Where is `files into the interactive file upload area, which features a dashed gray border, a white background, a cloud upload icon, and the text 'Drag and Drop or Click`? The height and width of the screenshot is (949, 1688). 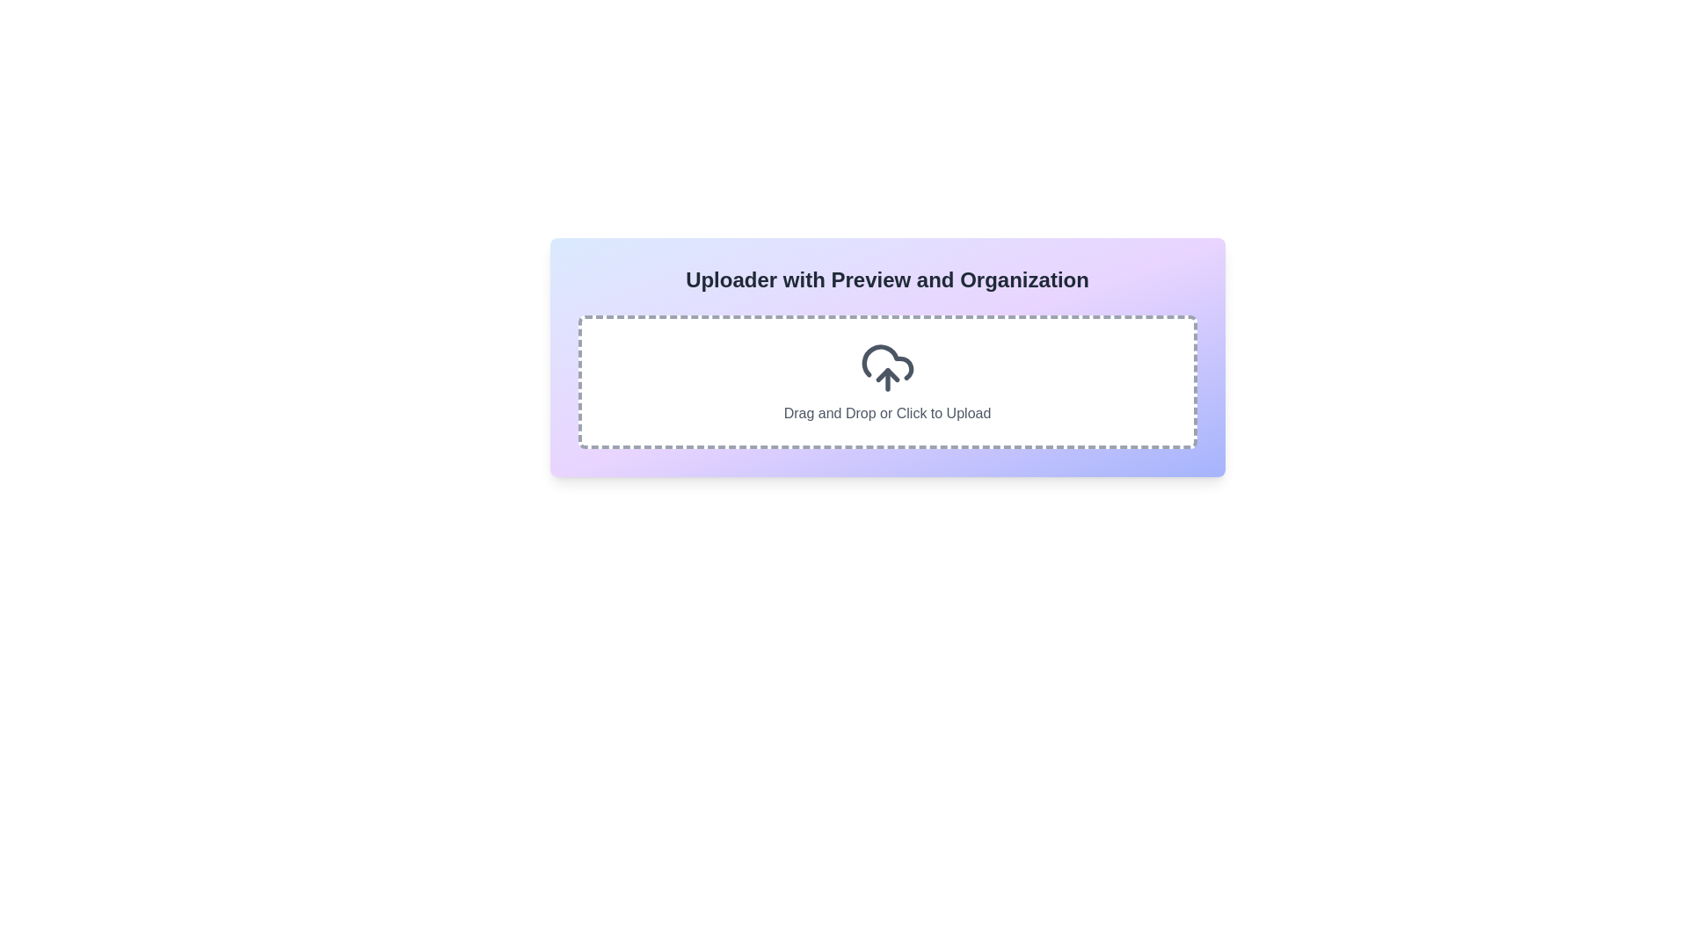
files into the interactive file upload area, which features a dashed gray border, a white background, a cloud upload icon, and the text 'Drag and Drop or Click is located at coordinates (887, 381).